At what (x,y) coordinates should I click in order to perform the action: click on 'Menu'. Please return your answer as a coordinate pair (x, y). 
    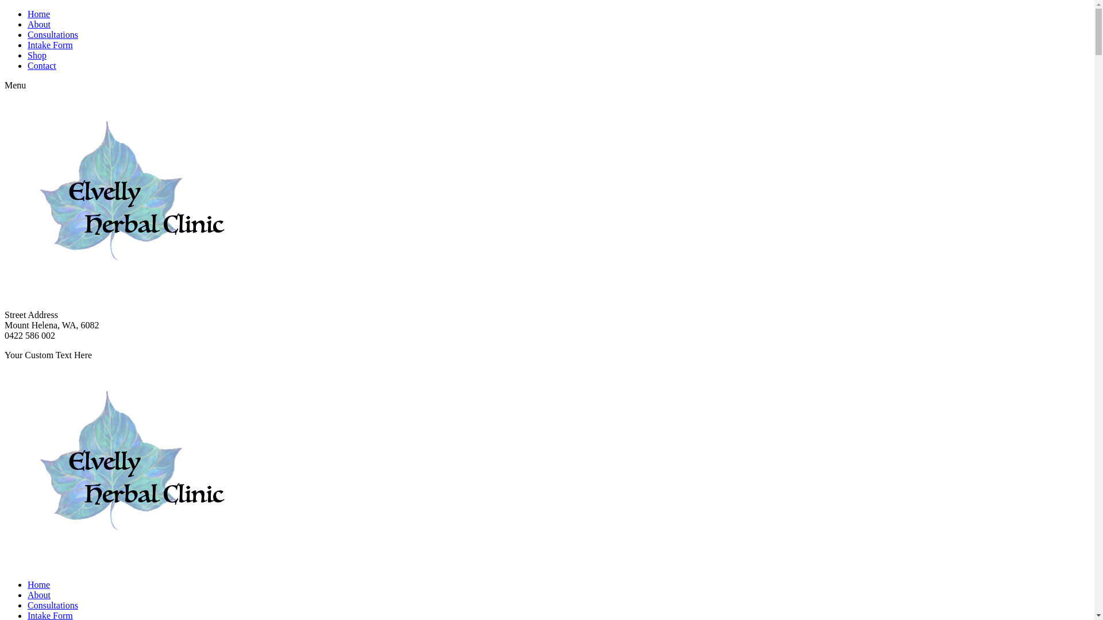
    Looking at the image, I should click on (15, 84).